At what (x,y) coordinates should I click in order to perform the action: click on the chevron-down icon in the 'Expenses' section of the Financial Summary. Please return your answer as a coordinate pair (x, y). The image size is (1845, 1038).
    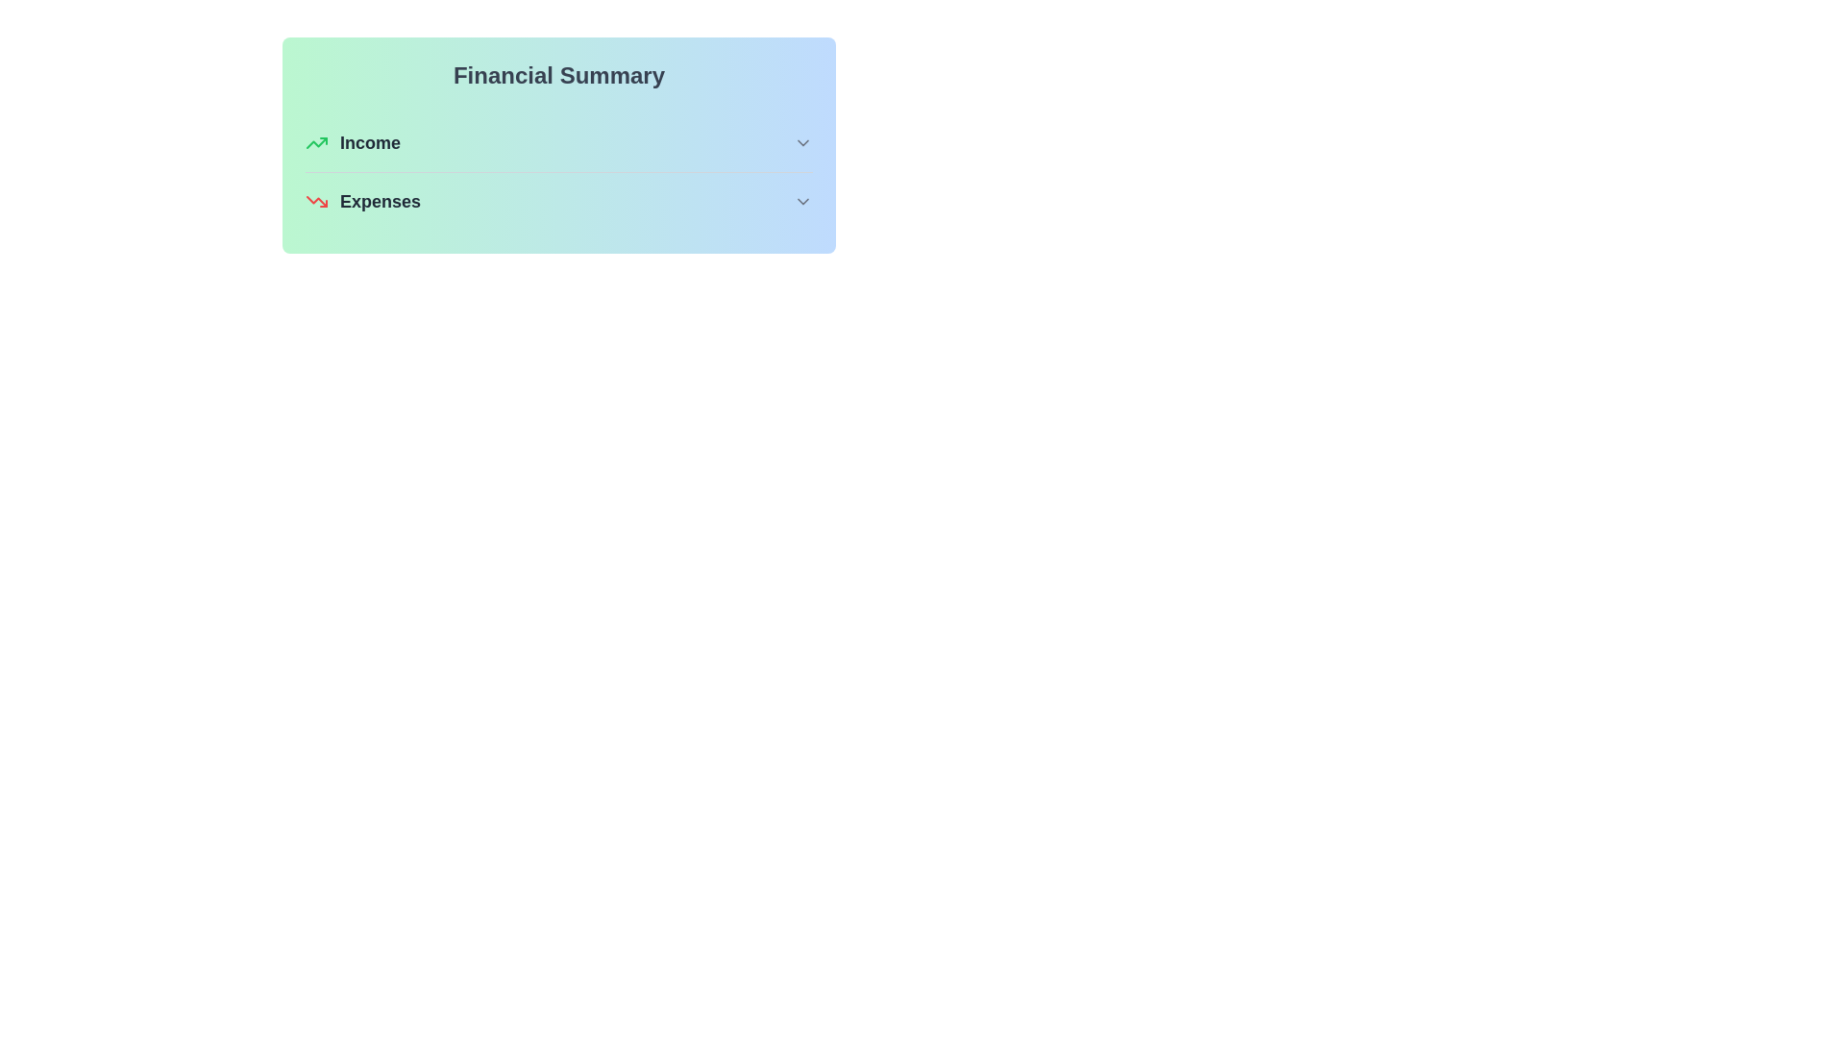
    Looking at the image, I should click on (802, 201).